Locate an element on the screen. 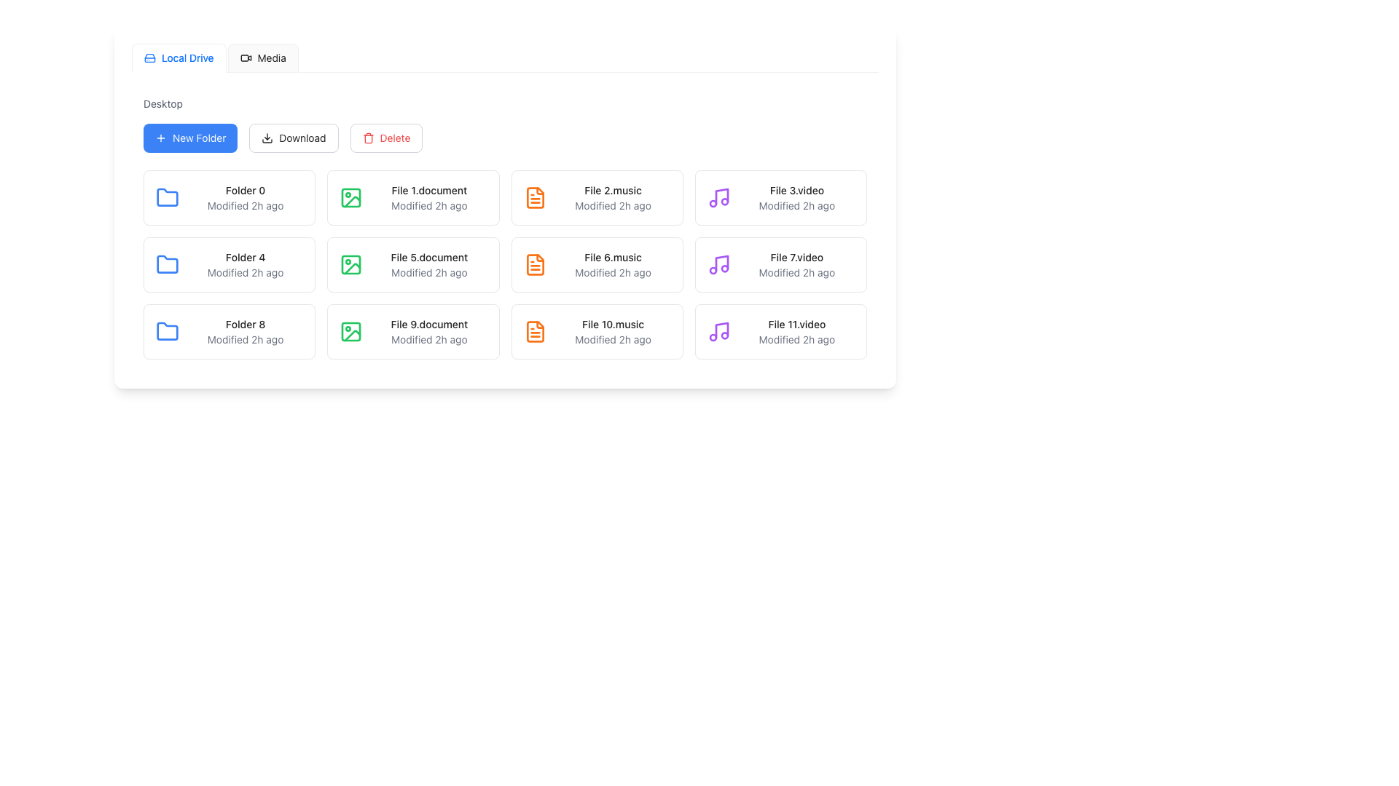 The width and height of the screenshot is (1399, 786). displayed file information from the text block containing 'File 2.music' in bold black font and 'Modified 2h ago' in smaller gray font, located in the second column of the first row in a grid layout is located at coordinates (613, 198).